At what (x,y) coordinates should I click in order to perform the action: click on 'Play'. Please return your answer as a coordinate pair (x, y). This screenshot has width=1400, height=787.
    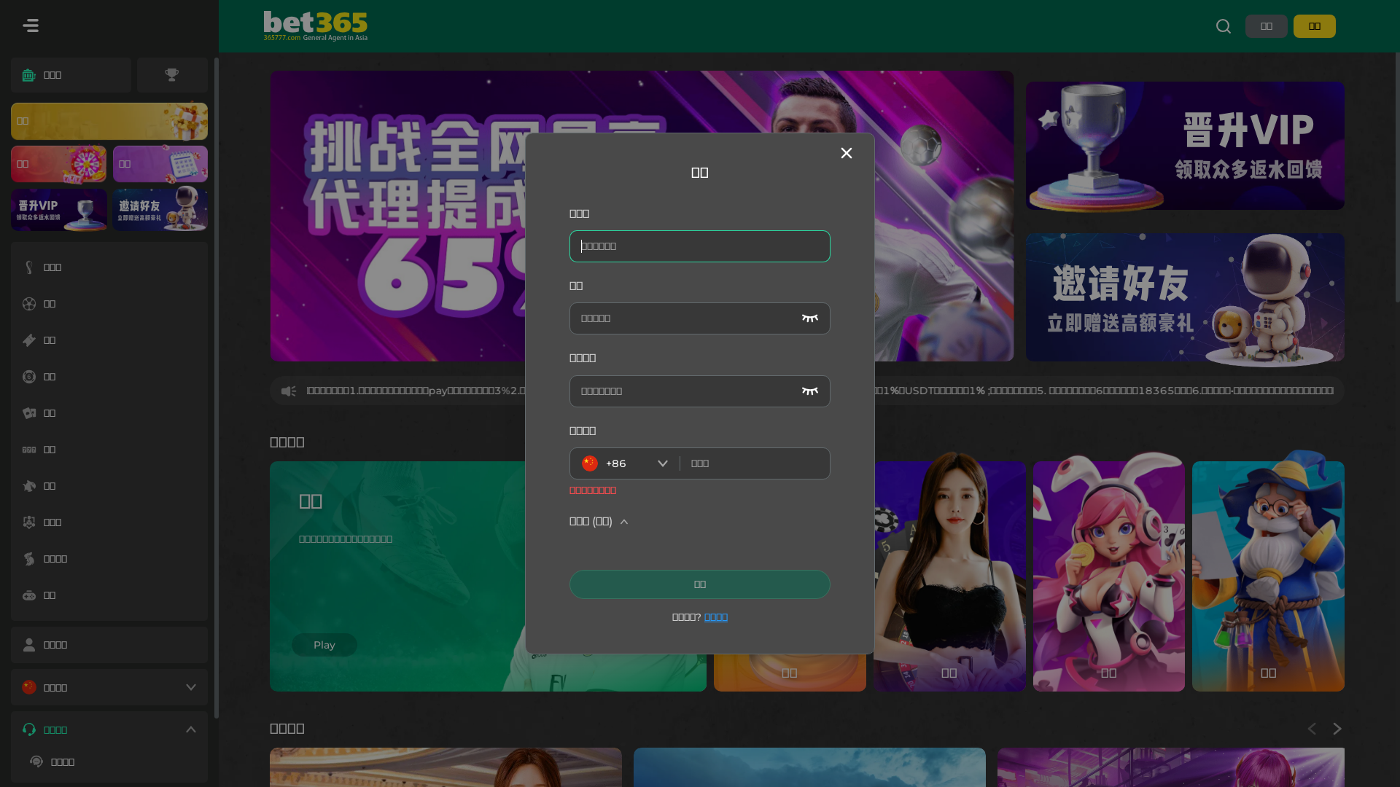
    Looking at the image, I should click on (324, 643).